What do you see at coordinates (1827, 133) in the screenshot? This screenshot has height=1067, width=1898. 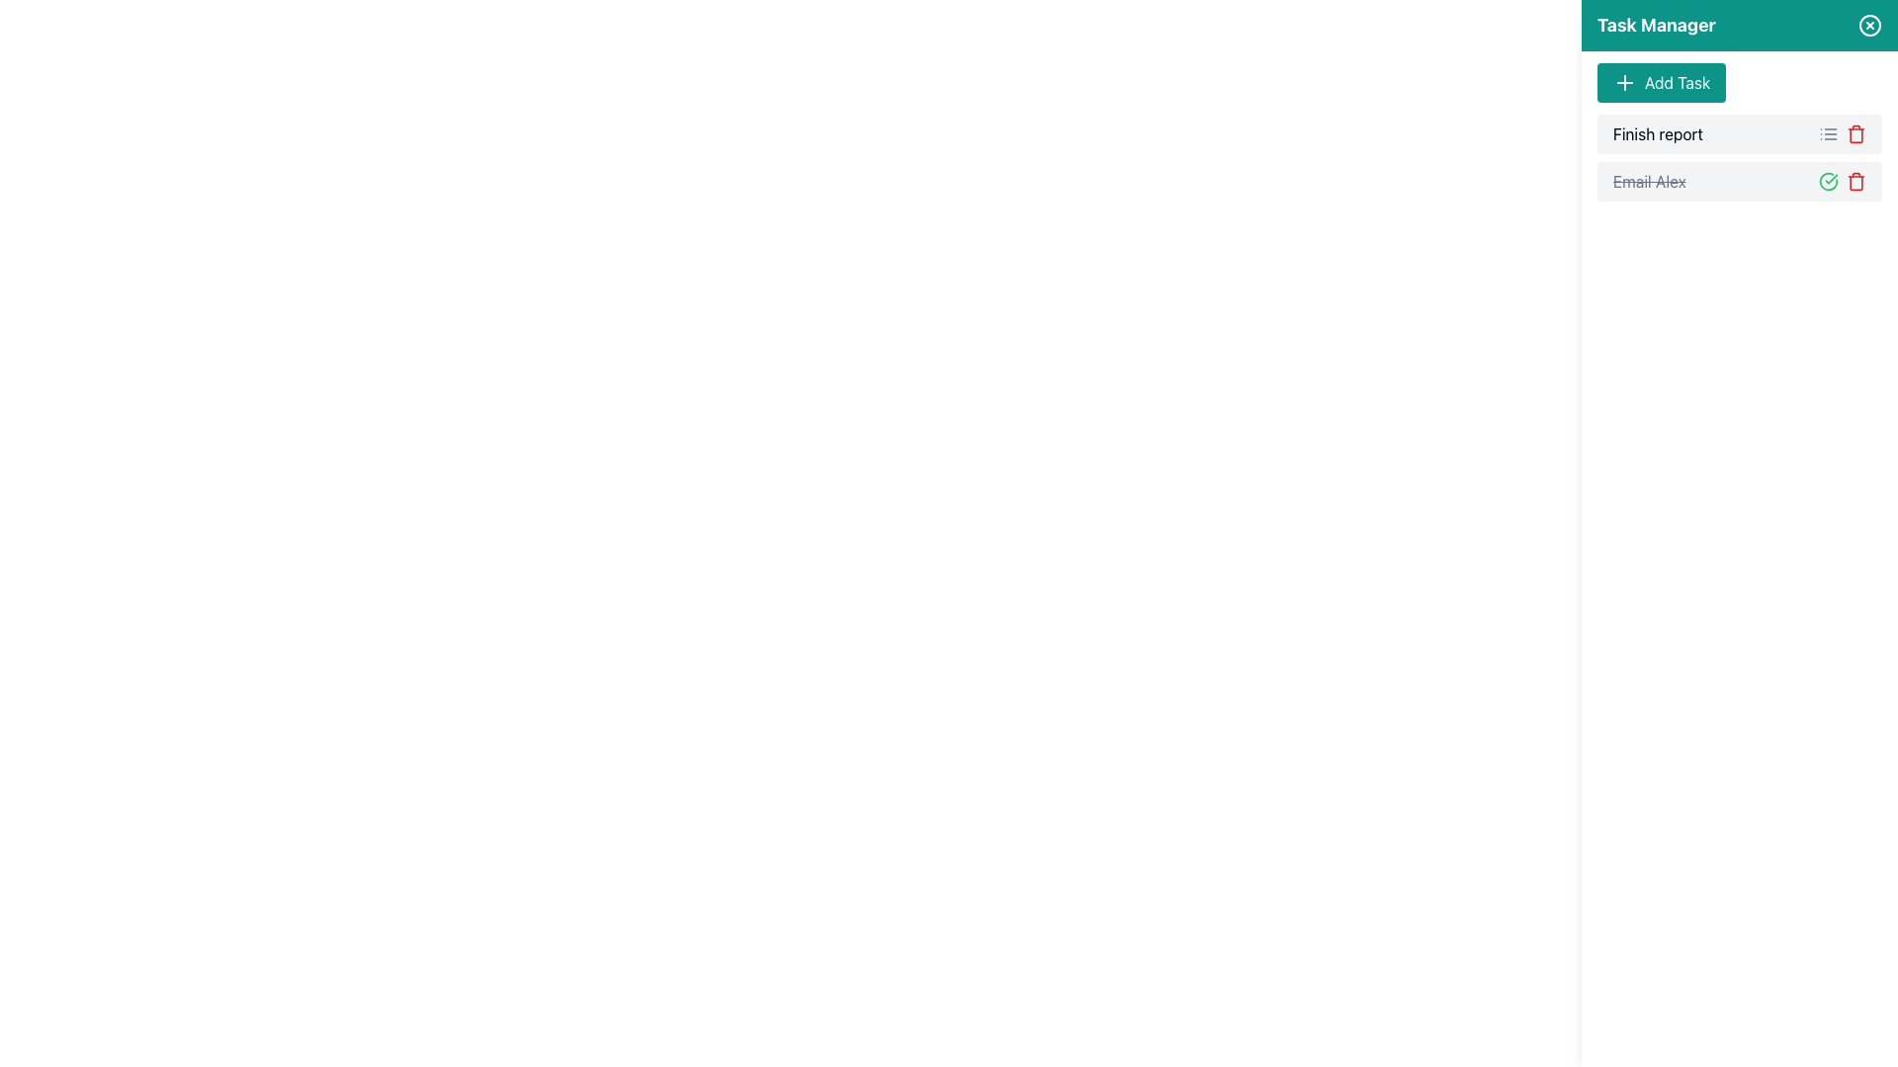 I see `the interactive button located to the right of the 'Finish report' task in the vertical task list of the 'Task Manager' panel` at bounding box center [1827, 133].